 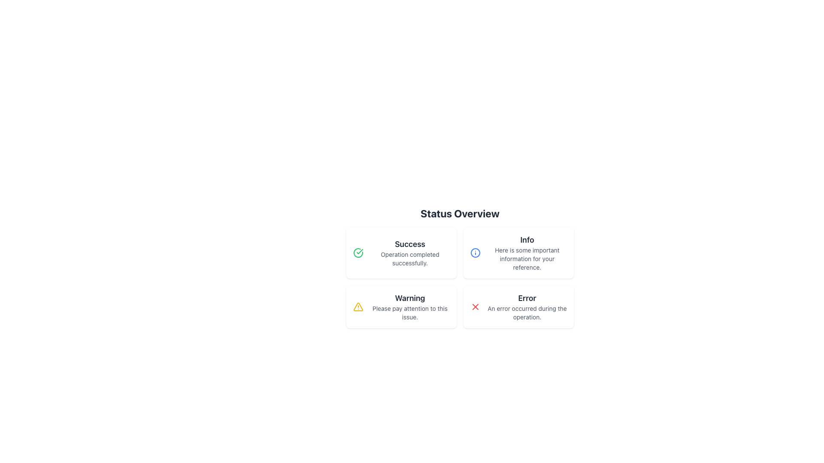 What do you see at coordinates (409, 307) in the screenshot?
I see `warning message element displaying 'Warning' and 'Please pay attention to this issue.' located at the bottom-left of the grid layout, below the 'Success' card` at bounding box center [409, 307].